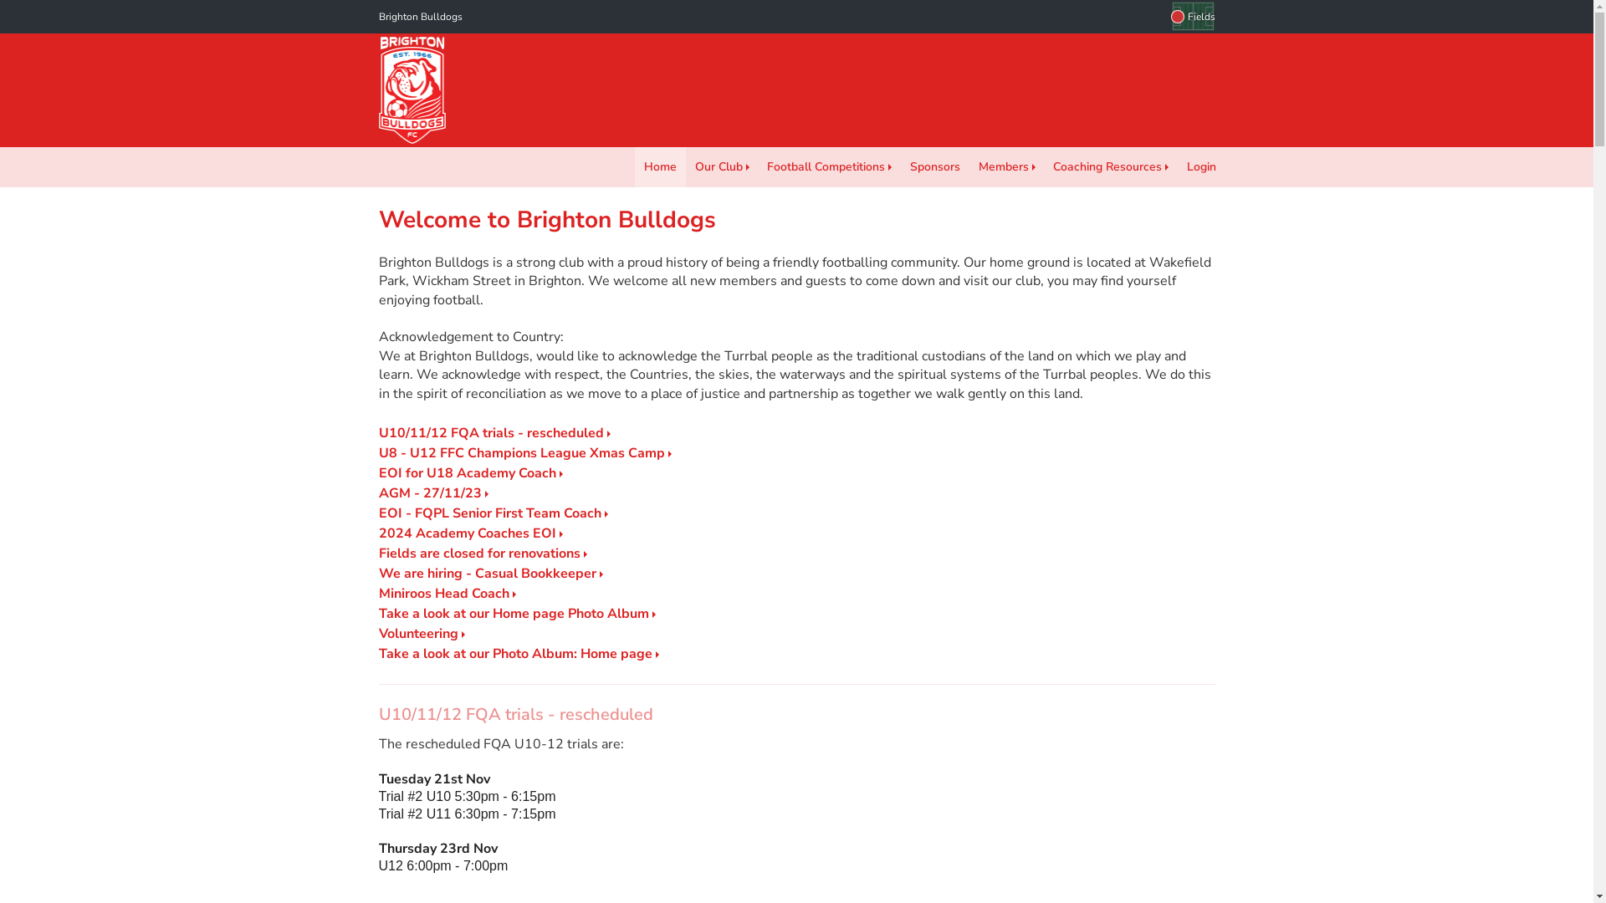 The width and height of the screenshot is (1606, 903). Describe the element at coordinates (722, 167) in the screenshot. I see `'Our Club'` at that location.